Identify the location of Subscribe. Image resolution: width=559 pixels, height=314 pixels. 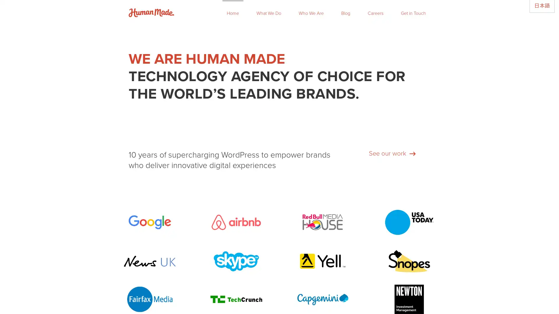
(363, 296).